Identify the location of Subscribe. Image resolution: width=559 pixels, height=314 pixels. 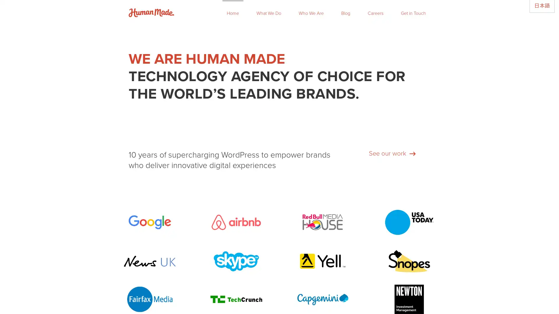
(363, 296).